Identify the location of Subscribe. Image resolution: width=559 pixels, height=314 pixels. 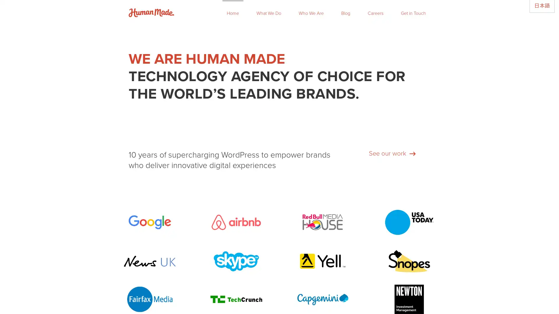
(363, 296).